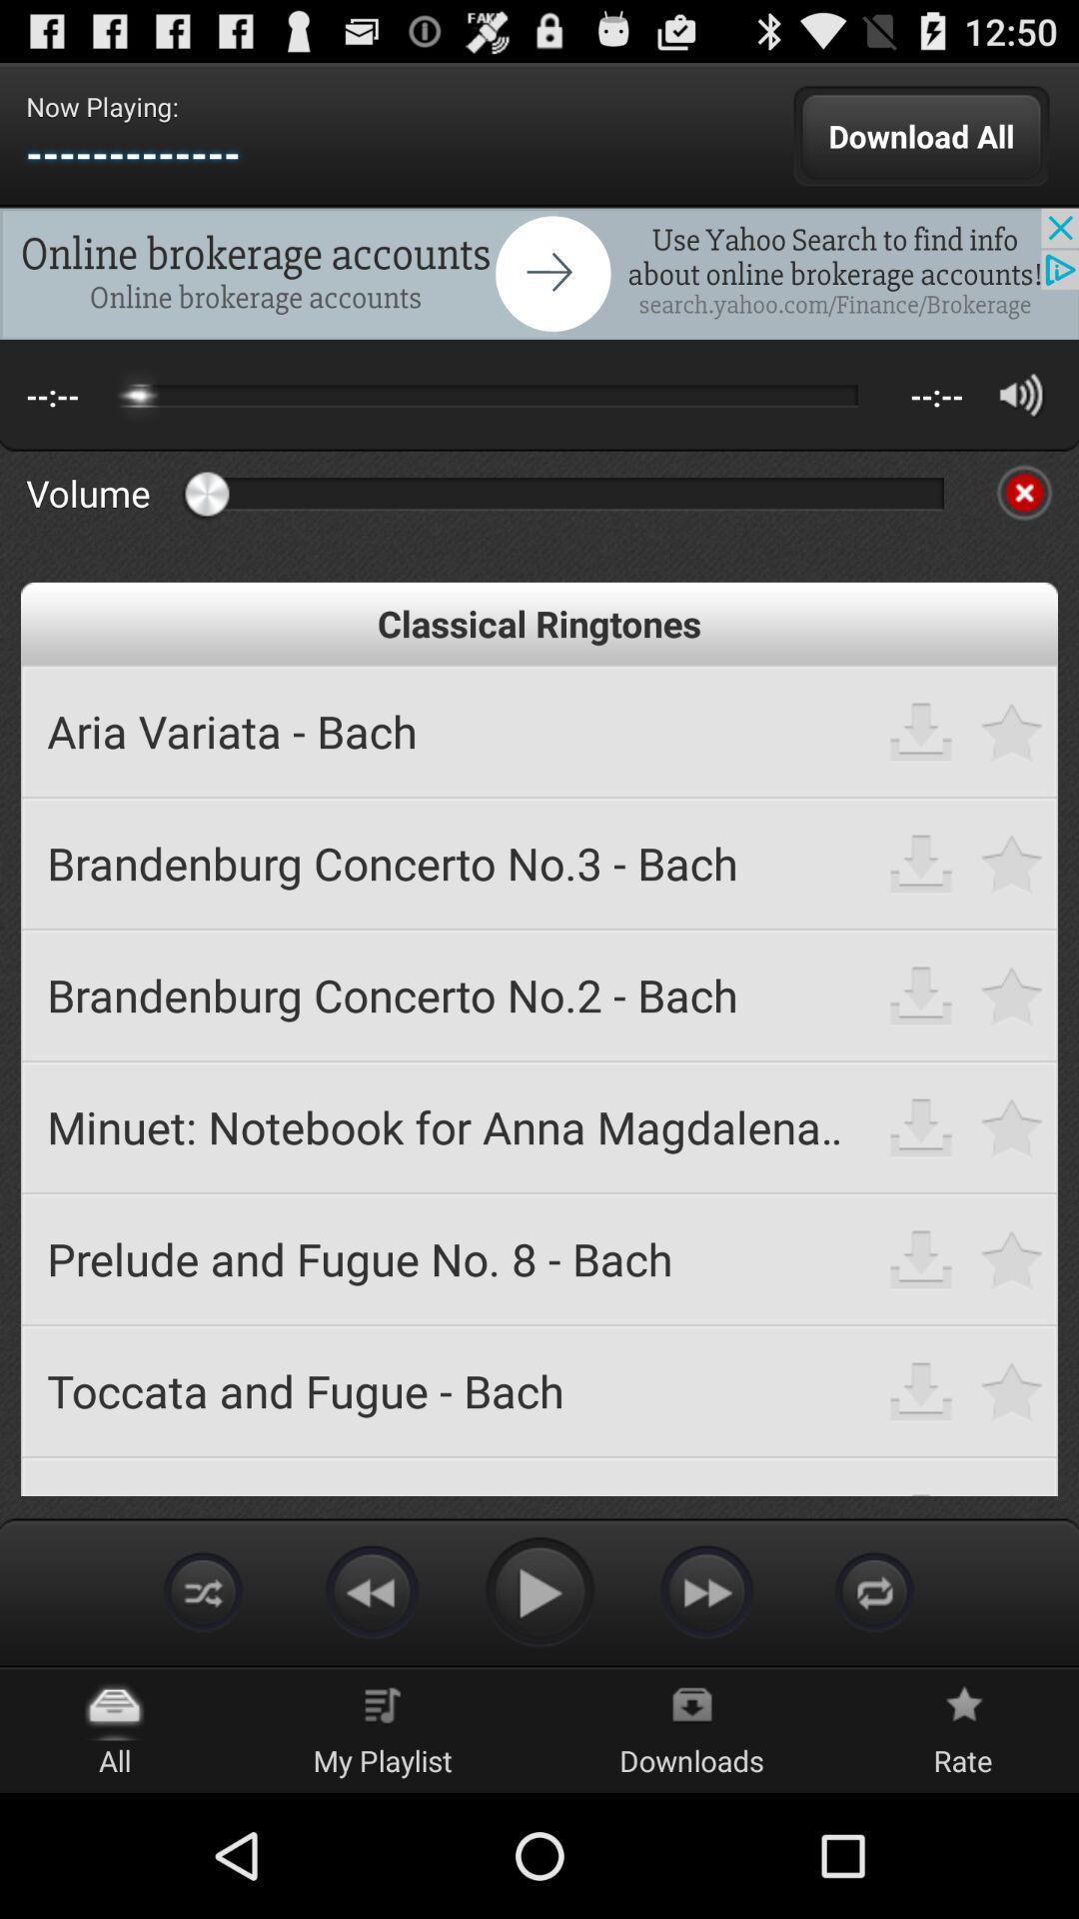 The image size is (1079, 1919). I want to click on download, so click(921, 730).